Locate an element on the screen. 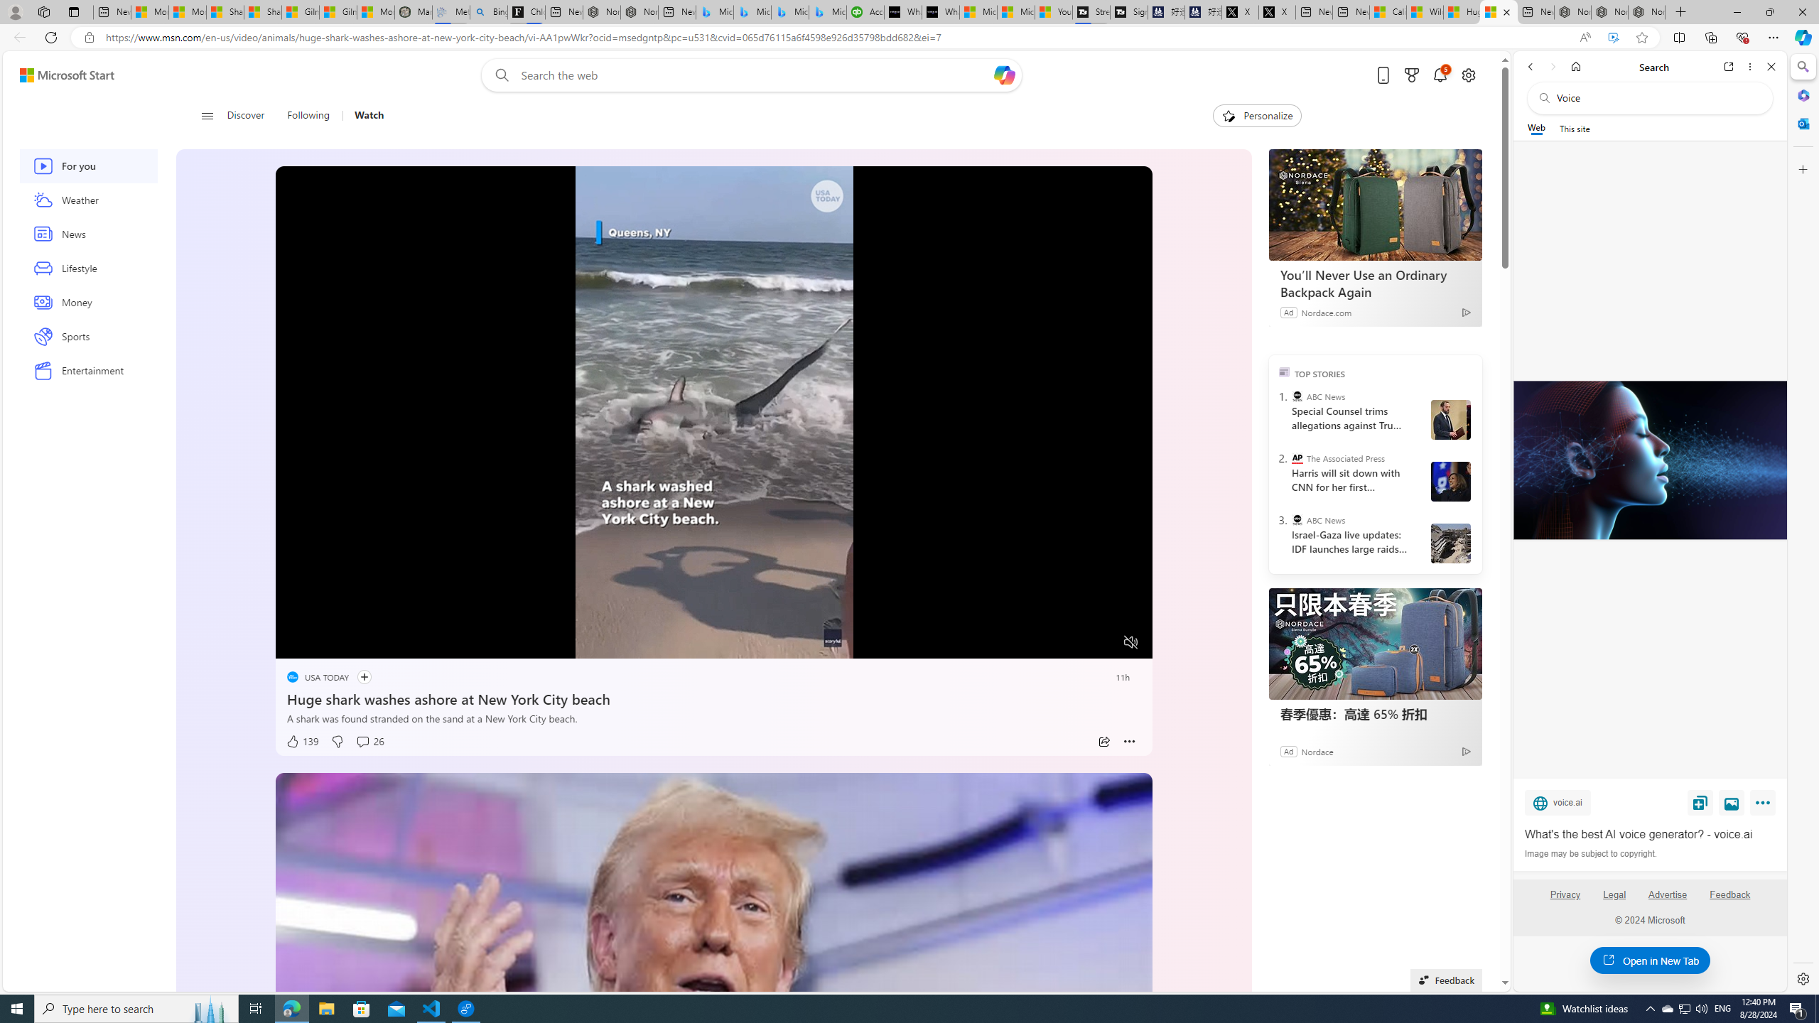  'Settings' is located at coordinates (1801, 978).